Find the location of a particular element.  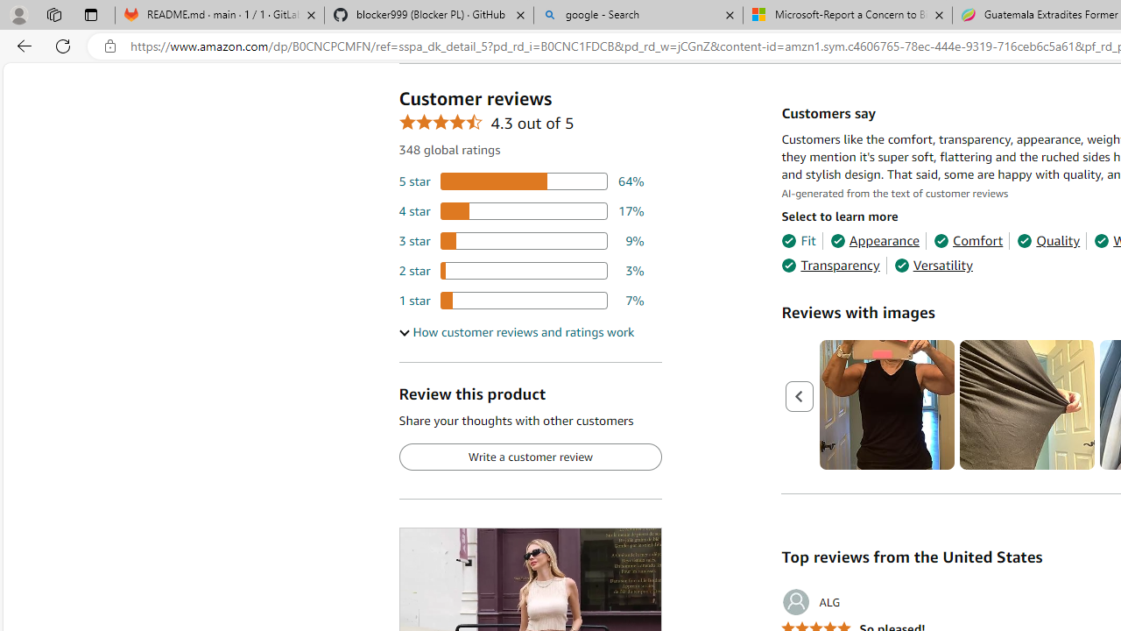

'Quality' is located at coordinates (1048, 241).